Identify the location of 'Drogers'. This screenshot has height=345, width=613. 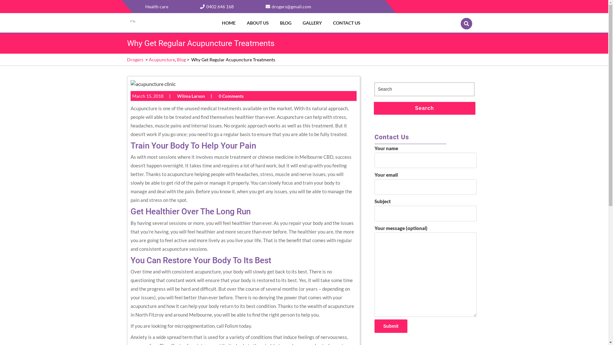
(135, 59).